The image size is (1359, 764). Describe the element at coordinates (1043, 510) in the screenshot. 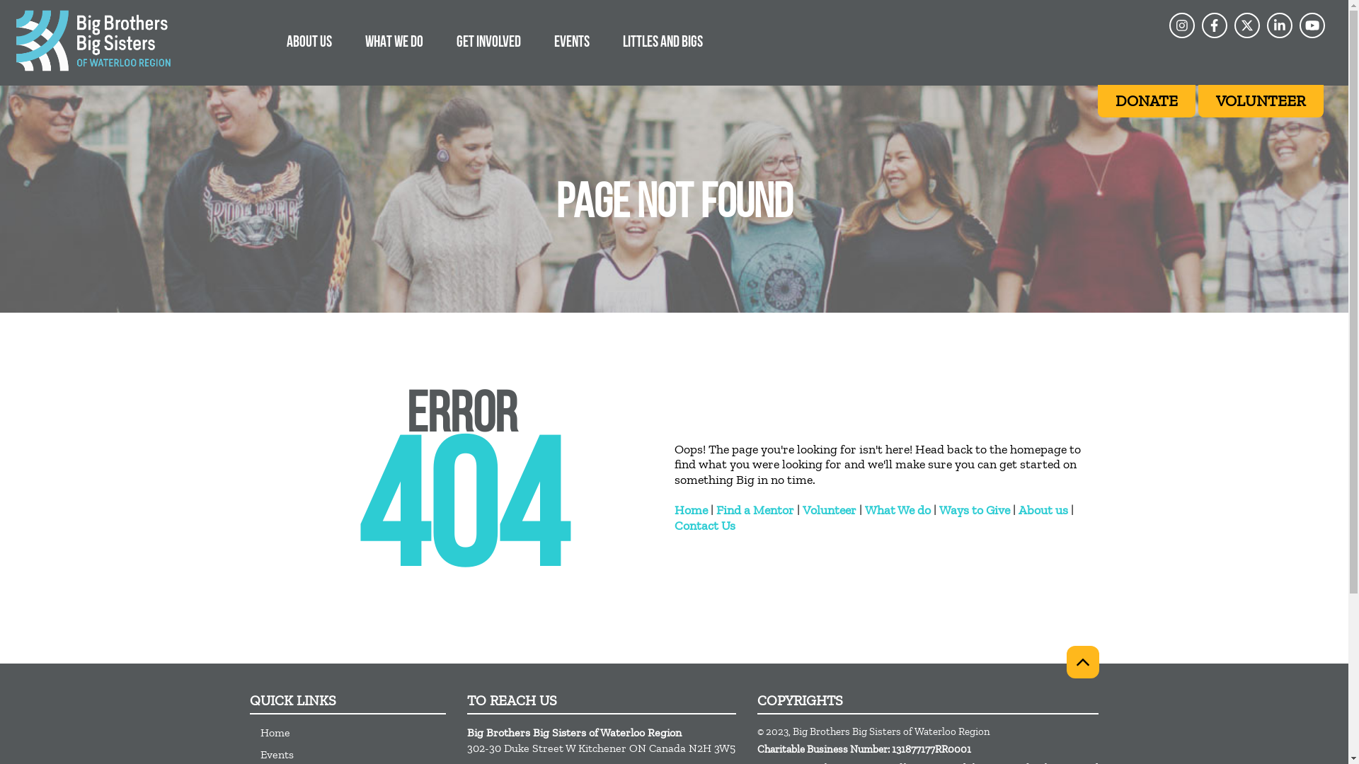

I see `'About us'` at that location.